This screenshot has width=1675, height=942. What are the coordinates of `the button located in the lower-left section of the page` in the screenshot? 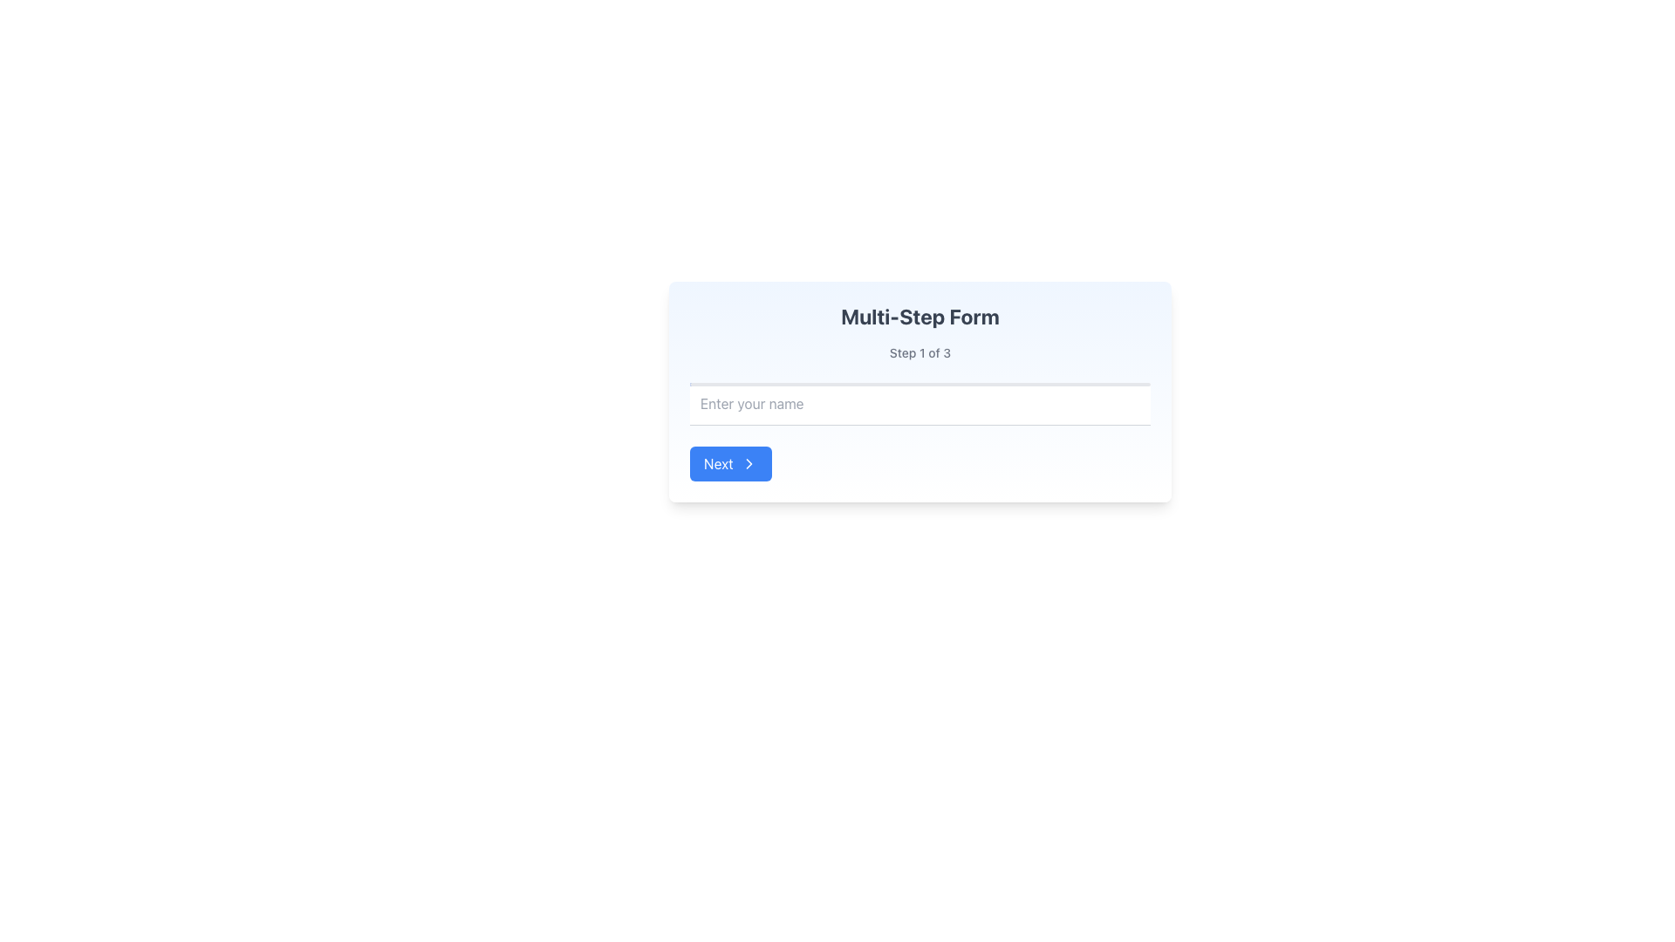 It's located at (730, 463).